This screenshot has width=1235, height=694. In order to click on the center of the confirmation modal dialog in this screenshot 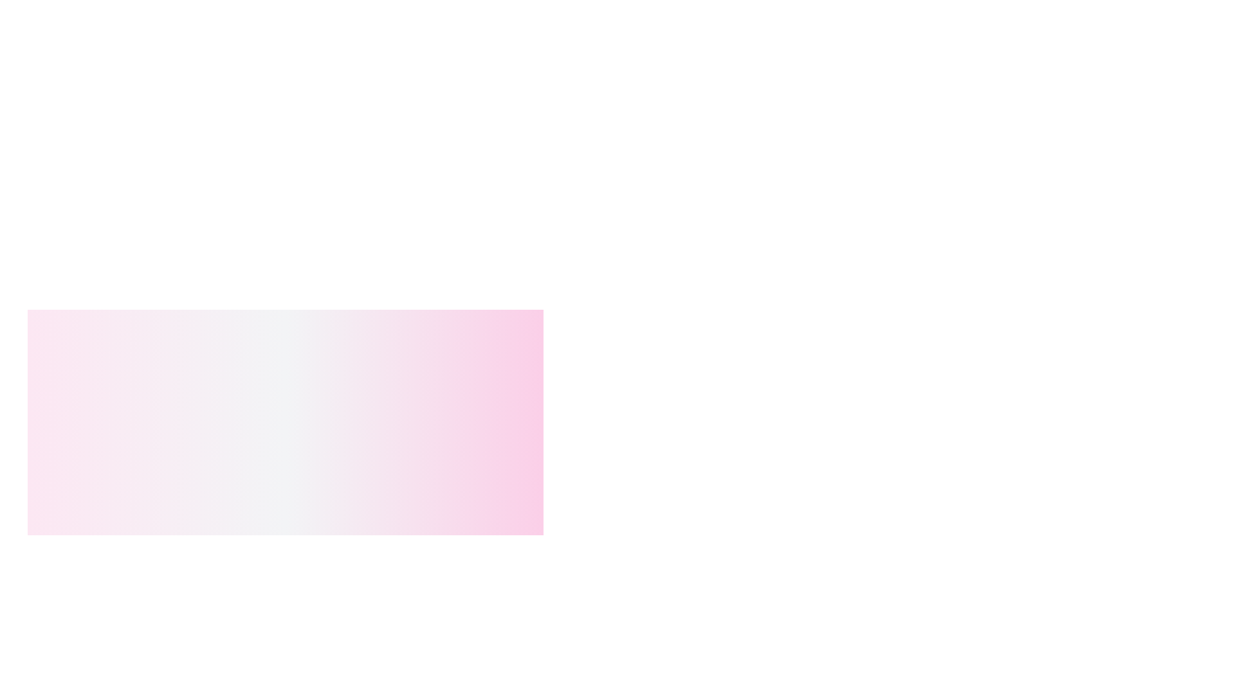, I will do `click(285, 414)`.